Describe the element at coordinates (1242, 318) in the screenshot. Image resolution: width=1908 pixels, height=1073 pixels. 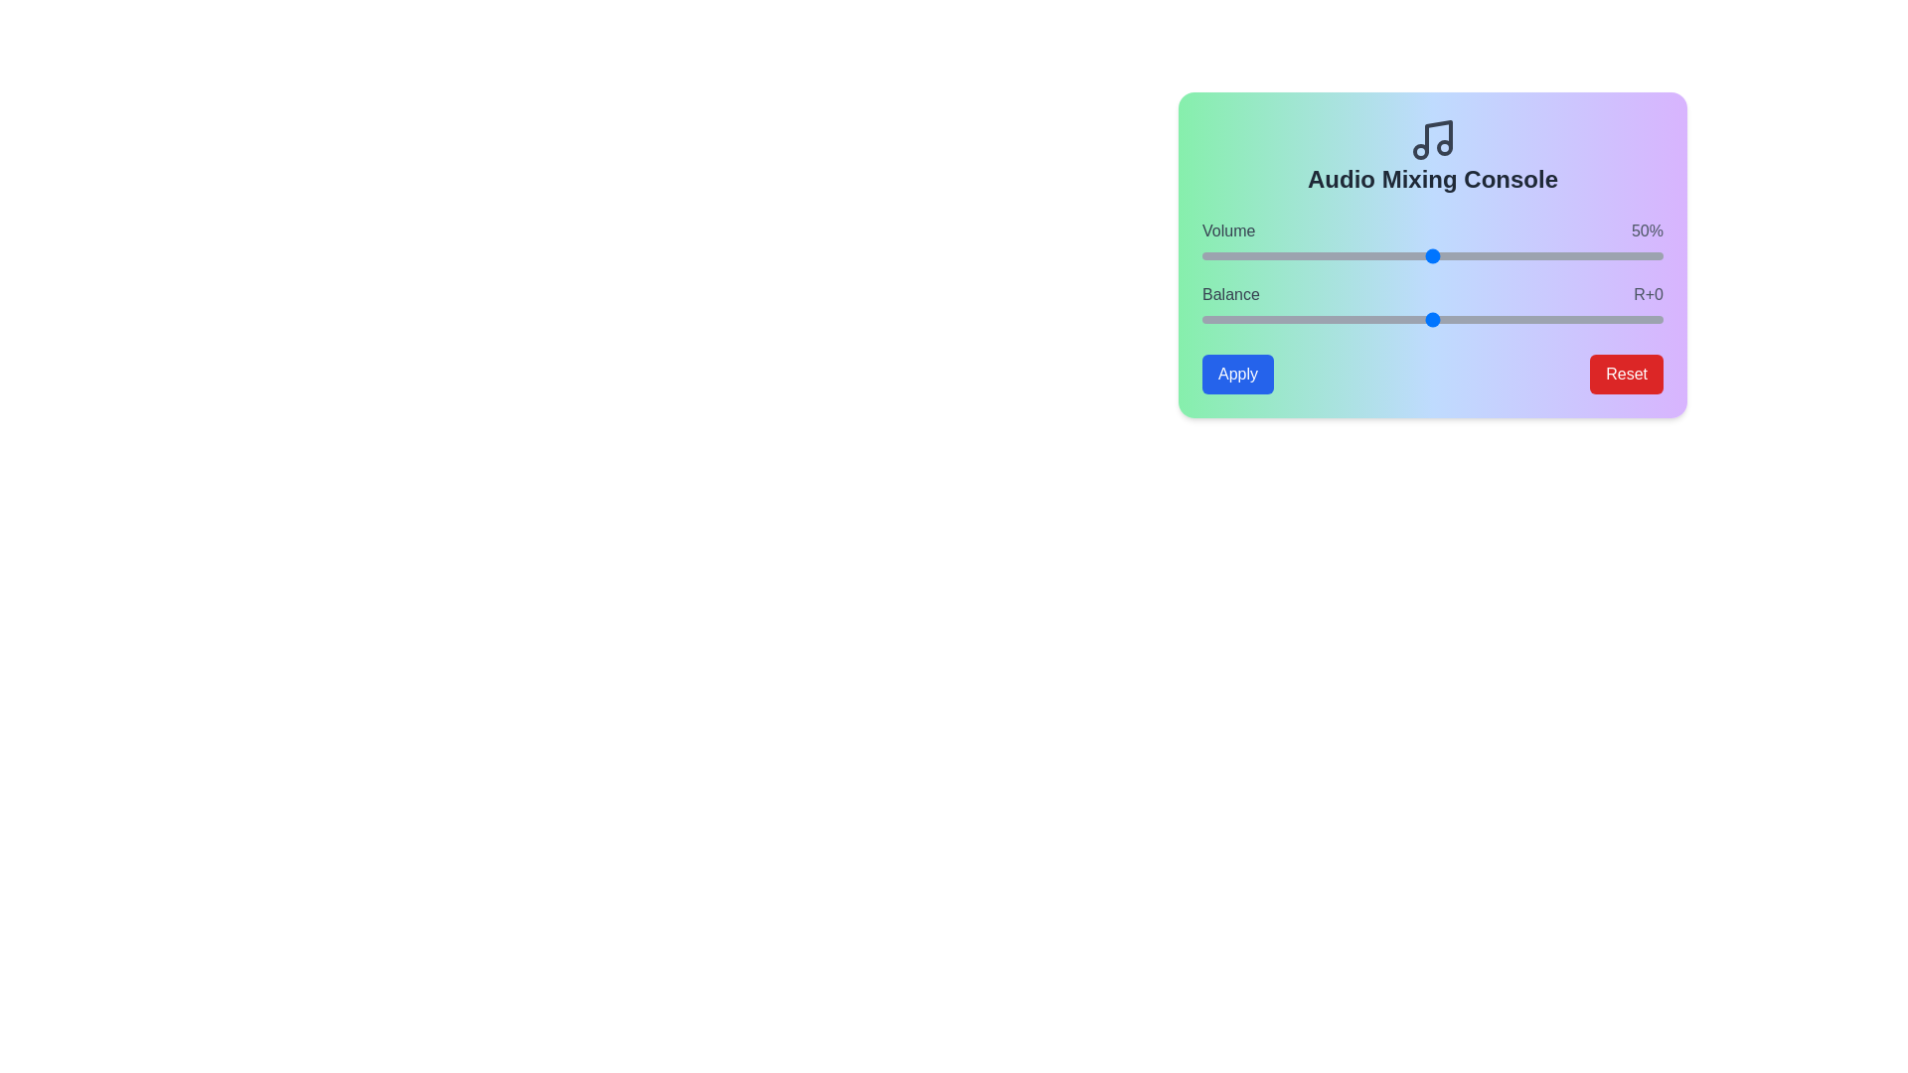
I see `balance` at that location.